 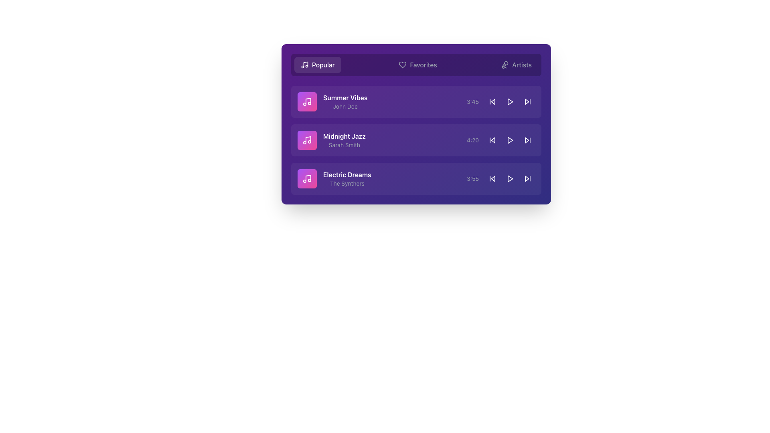 I want to click on the circular purple play button with a white play icon to play the associated track for 'Electric Dreams', so click(x=510, y=178).